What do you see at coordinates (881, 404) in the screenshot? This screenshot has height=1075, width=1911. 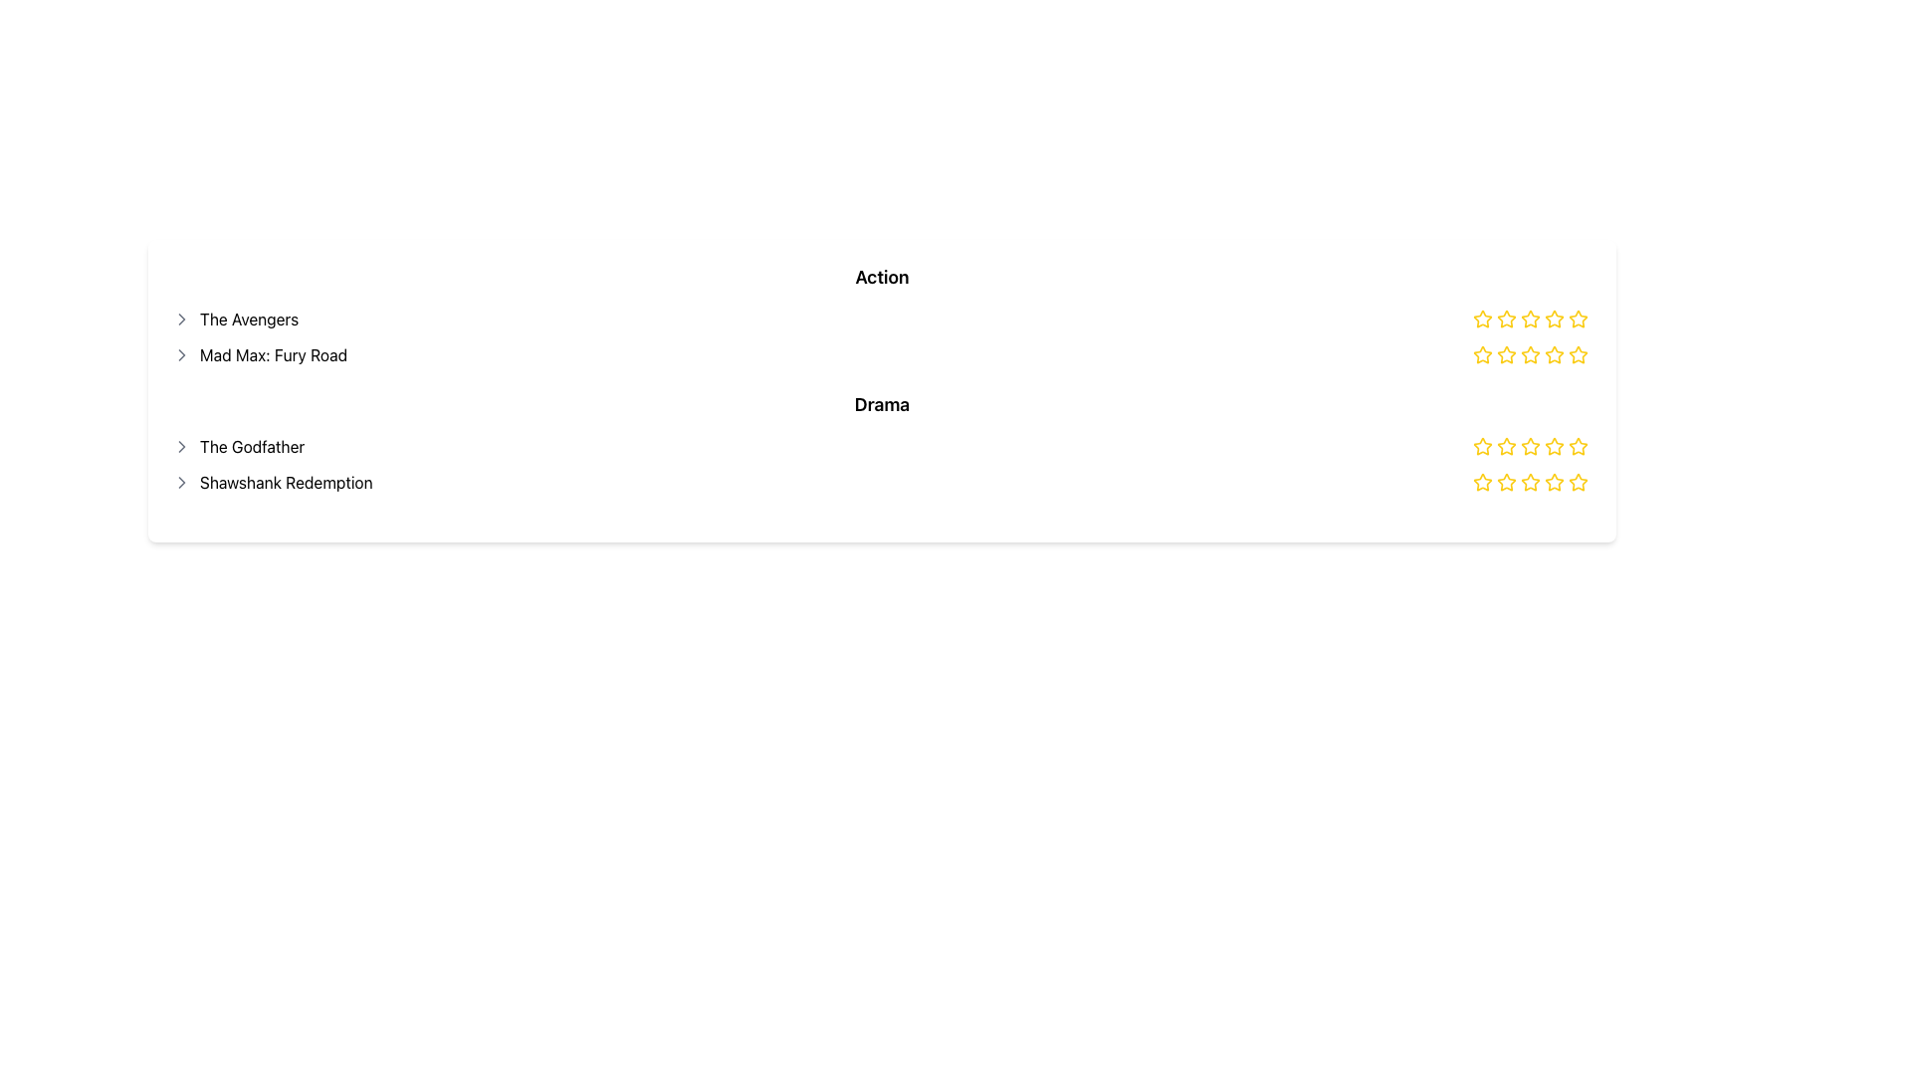 I see `text from the section header labeled 'Drama', which categorizes the content that follows` at bounding box center [881, 404].